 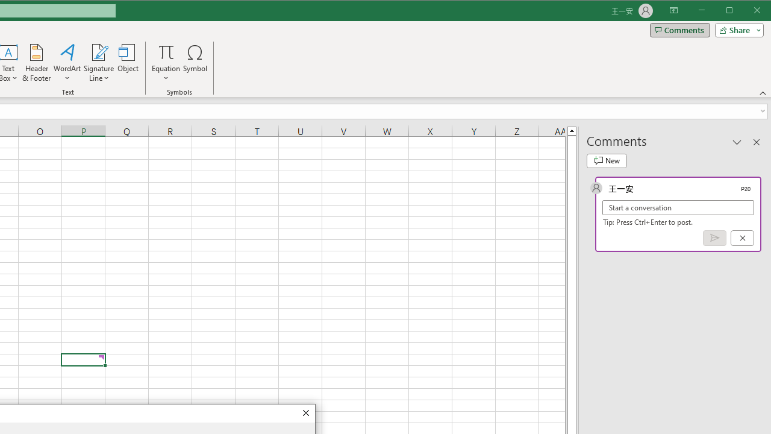 What do you see at coordinates (67, 63) in the screenshot?
I see `'WordArt'` at bounding box center [67, 63].